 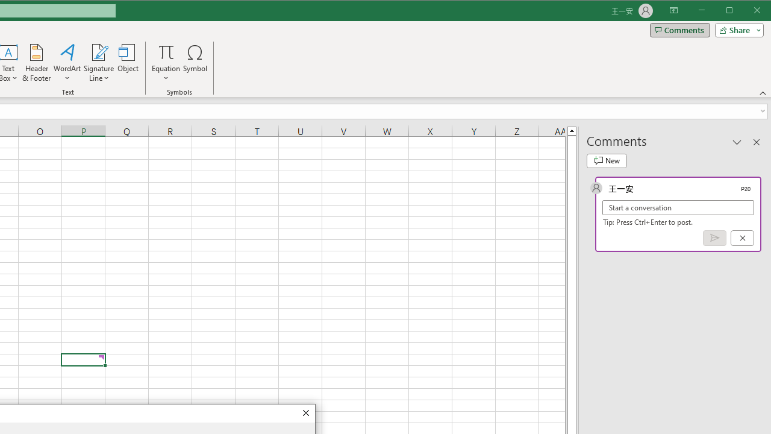 What do you see at coordinates (67, 63) in the screenshot?
I see `'WordArt'` at bounding box center [67, 63].